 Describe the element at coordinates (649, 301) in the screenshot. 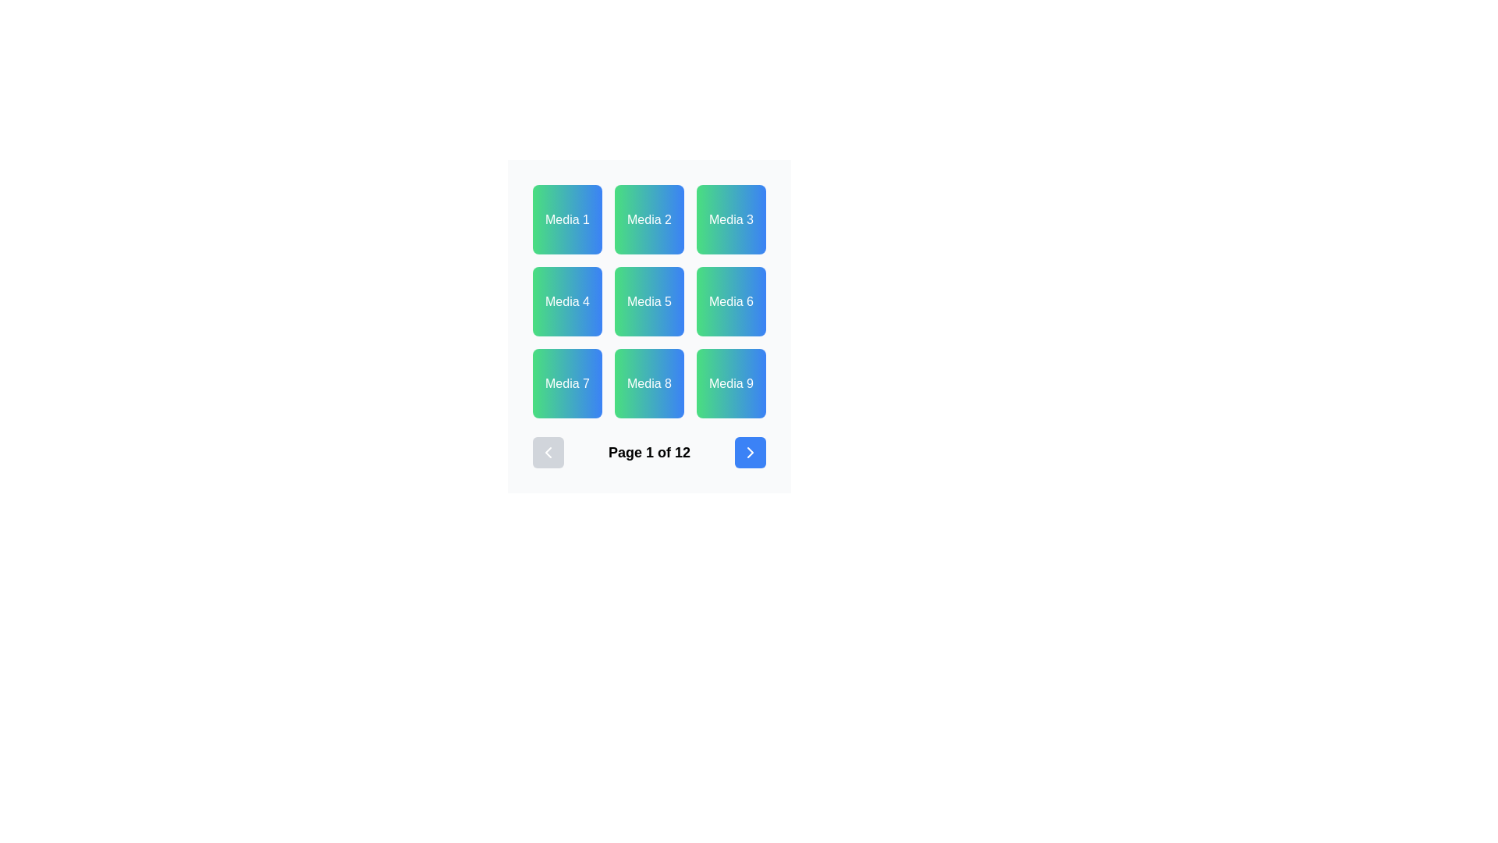

I see `the square-shaped tile with a gradient background transitioning from green to blue, featuring white text 'Media 5', located as the middle tile on the second row of a 3x3 grid` at that location.